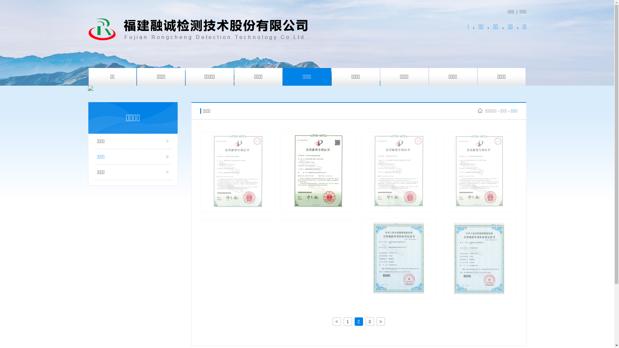 The image size is (619, 348). Describe the element at coordinates (380, 322) in the screenshot. I see `'>'` at that location.